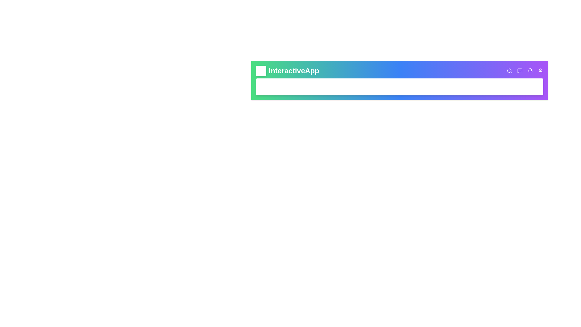 The image size is (581, 327). I want to click on the Search icon to perform its associated action, so click(509, 71).